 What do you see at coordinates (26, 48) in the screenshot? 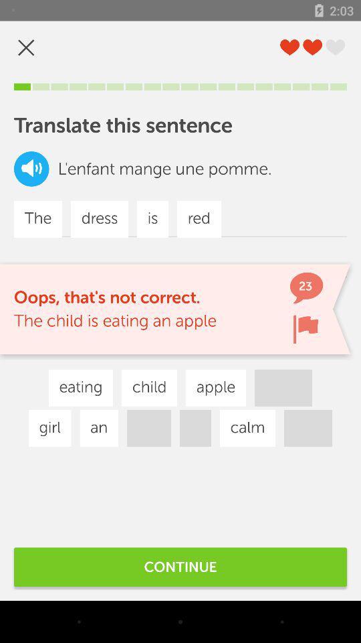
I see `the close icon` at bounding box center [26, 48].